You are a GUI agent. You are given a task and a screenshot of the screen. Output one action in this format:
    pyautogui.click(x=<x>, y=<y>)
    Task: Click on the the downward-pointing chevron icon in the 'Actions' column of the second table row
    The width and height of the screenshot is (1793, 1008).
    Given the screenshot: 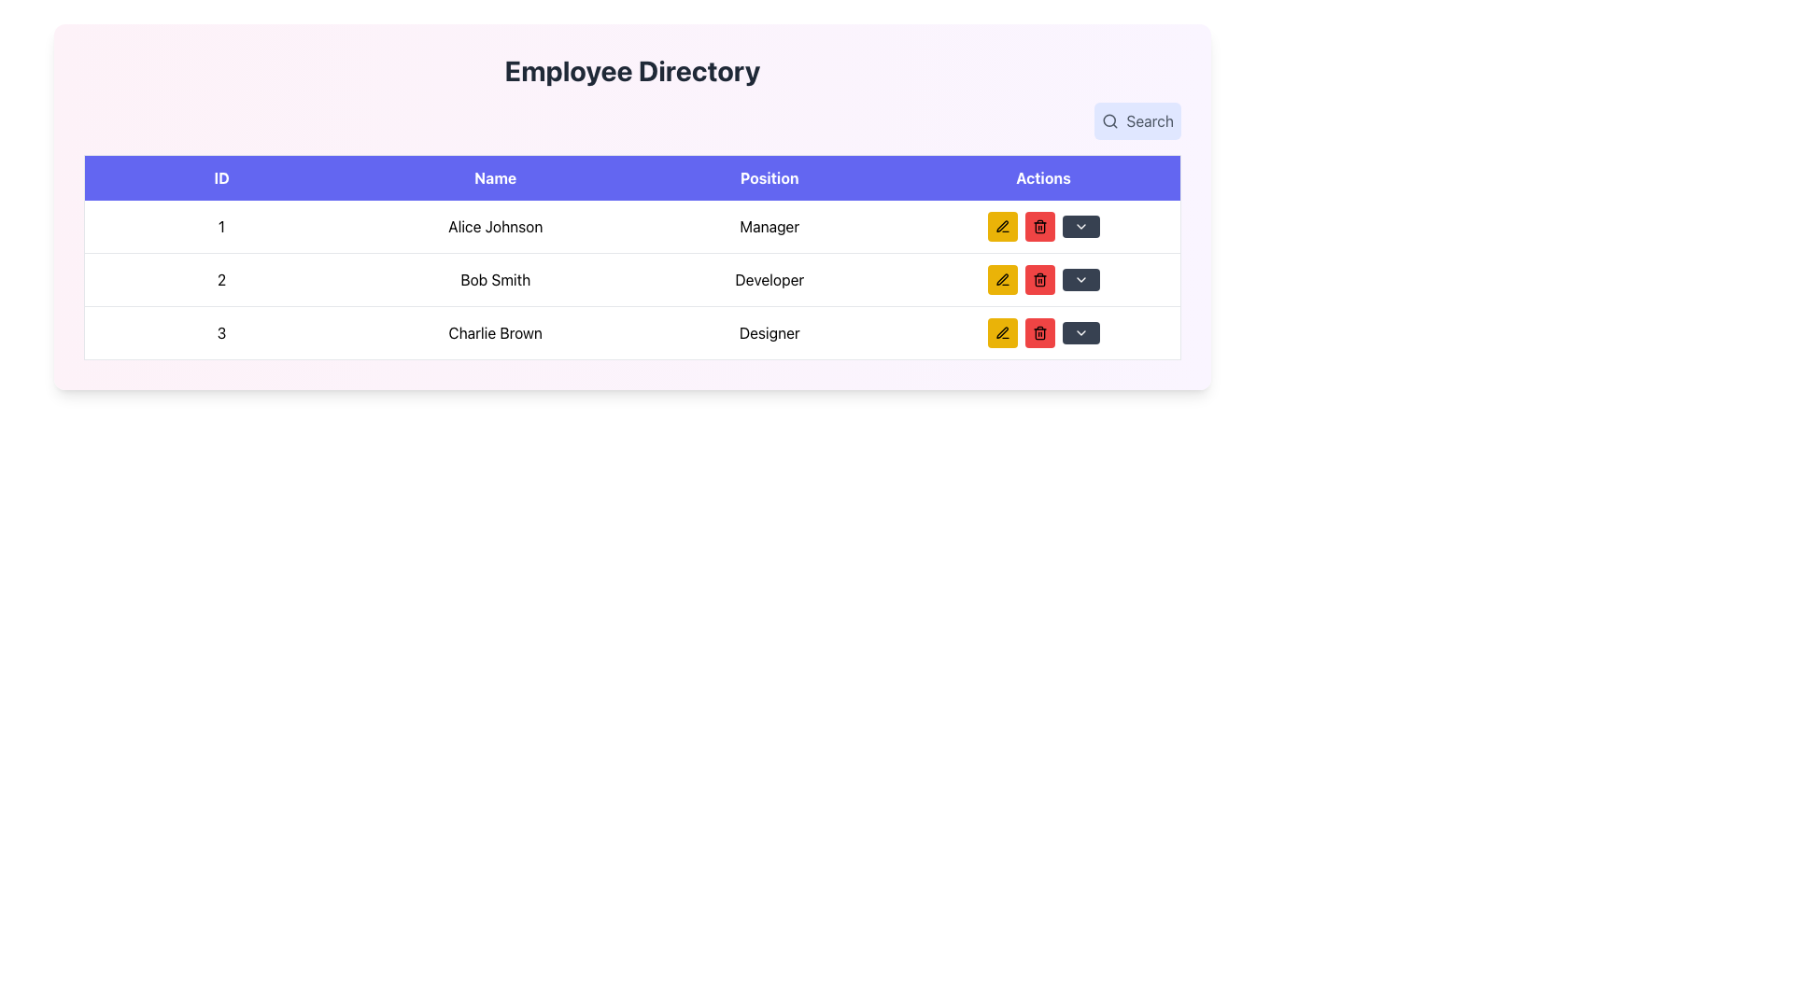 What is the action you would take?
    pyautogui.click(x=1080, y=280)
    